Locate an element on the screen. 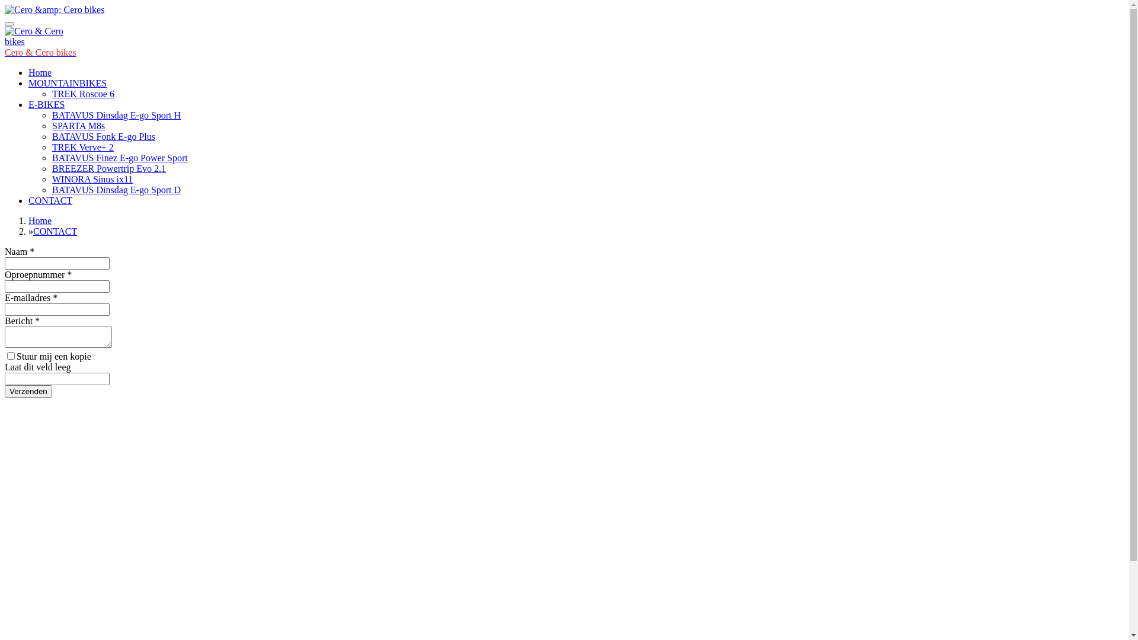  'SPARTA M8s' is located at coordinates (78, 126).